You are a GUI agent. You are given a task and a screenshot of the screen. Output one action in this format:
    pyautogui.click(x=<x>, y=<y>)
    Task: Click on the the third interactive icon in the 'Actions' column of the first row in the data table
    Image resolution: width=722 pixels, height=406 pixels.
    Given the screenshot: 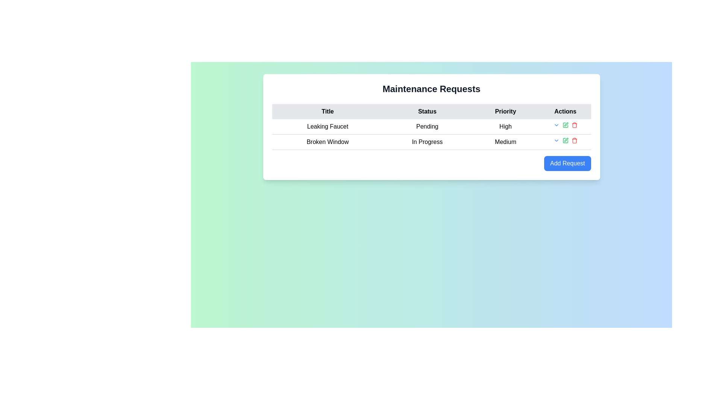 What is the action you would take?
    pyautogui.click(x=574, y=124)
    